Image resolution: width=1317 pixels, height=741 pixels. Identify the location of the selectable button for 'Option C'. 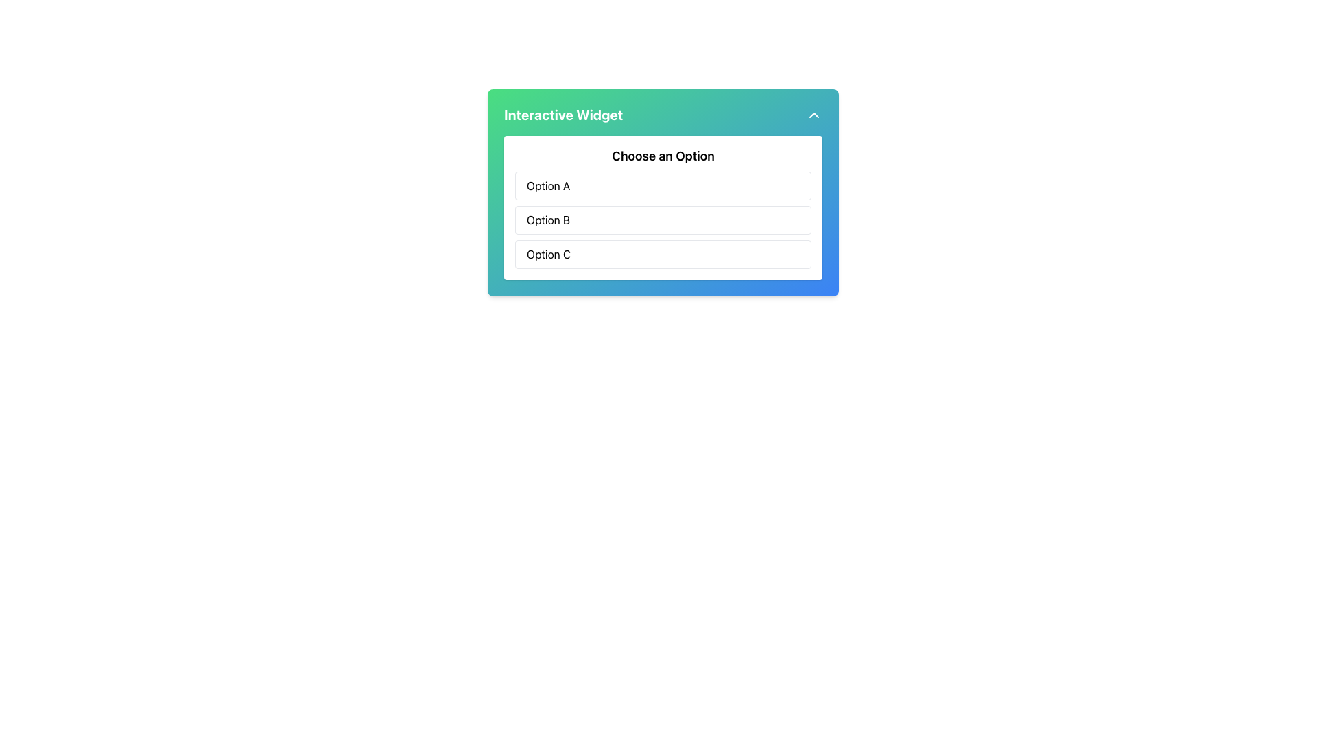
(663, 254).